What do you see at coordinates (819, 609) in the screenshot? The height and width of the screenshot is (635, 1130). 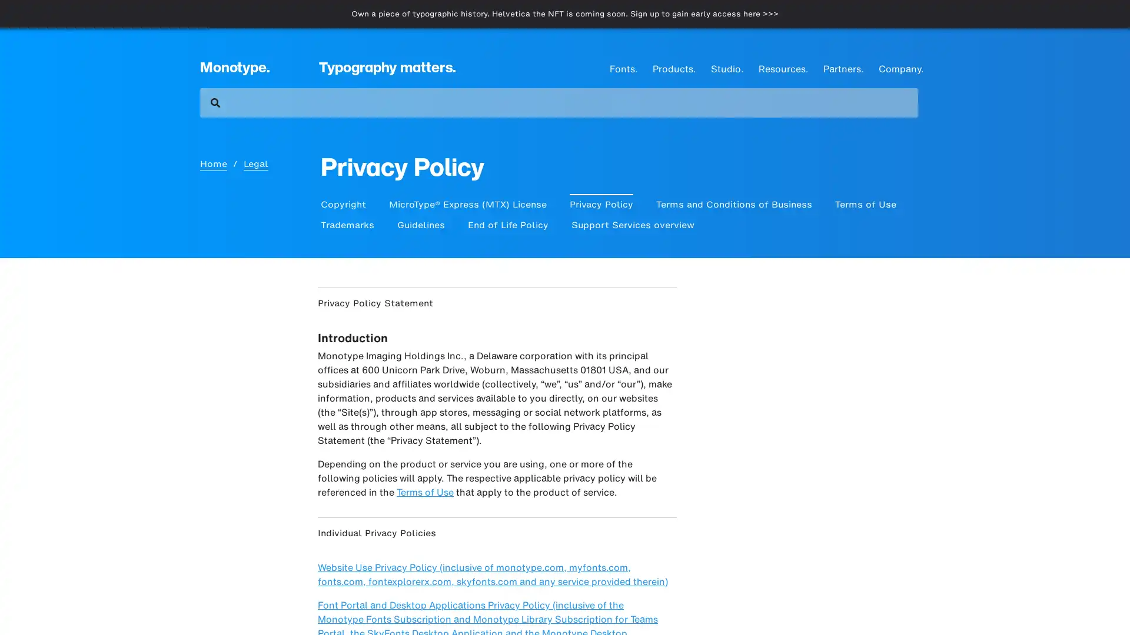 I see `Cookies Settings` at bounding box center [819, 609].